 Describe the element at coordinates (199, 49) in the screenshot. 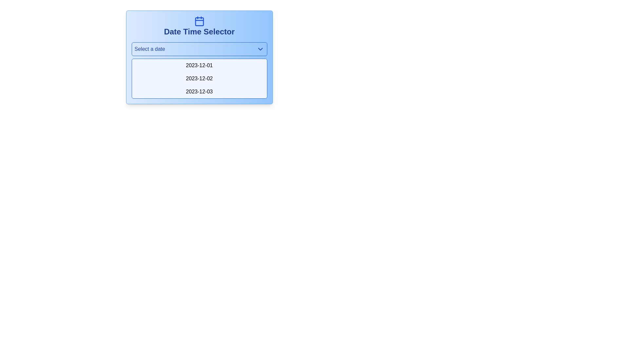

I see `the dropdown menu for selecting a date by clicking it` at that location.